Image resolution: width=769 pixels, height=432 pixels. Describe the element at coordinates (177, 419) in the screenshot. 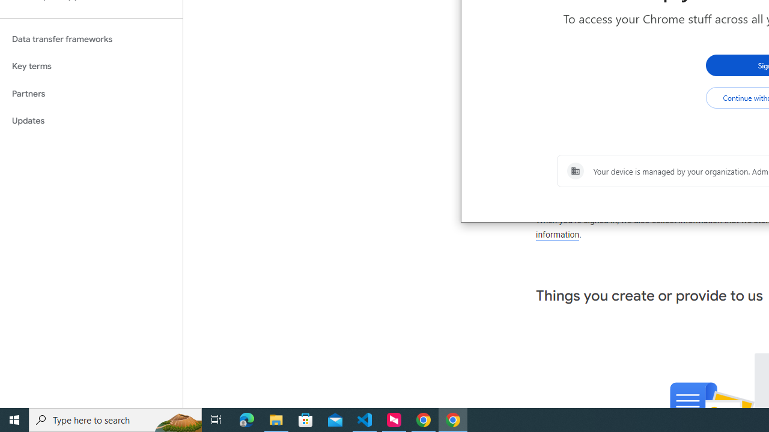

I see `'Search highlights icon opens search home window'` at that location.